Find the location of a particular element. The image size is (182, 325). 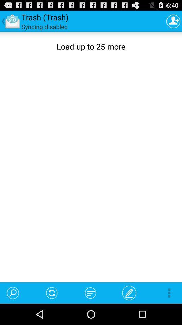

item below the load up to app is located at coordinates (51, 292).